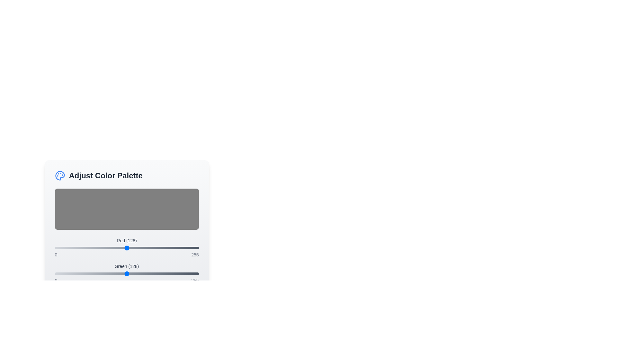 The image size is (617, 347). Describe the element at coordinates (82, 247) in the screenshot. I see `the red color slider to 49` at that location.